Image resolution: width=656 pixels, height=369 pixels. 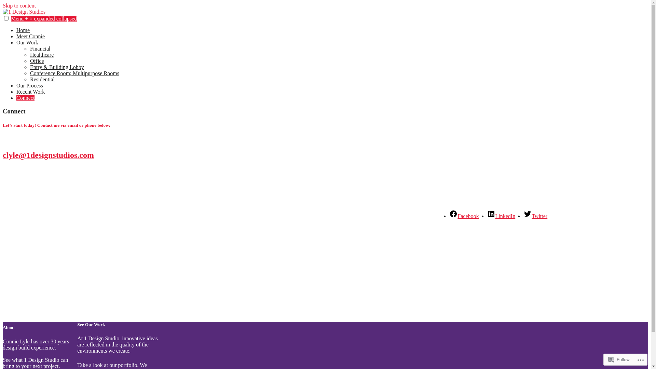 What do you see at coordinates (27, 42) in the screenshot?
I see `'Our Work'` at bounding box center [27, 42].